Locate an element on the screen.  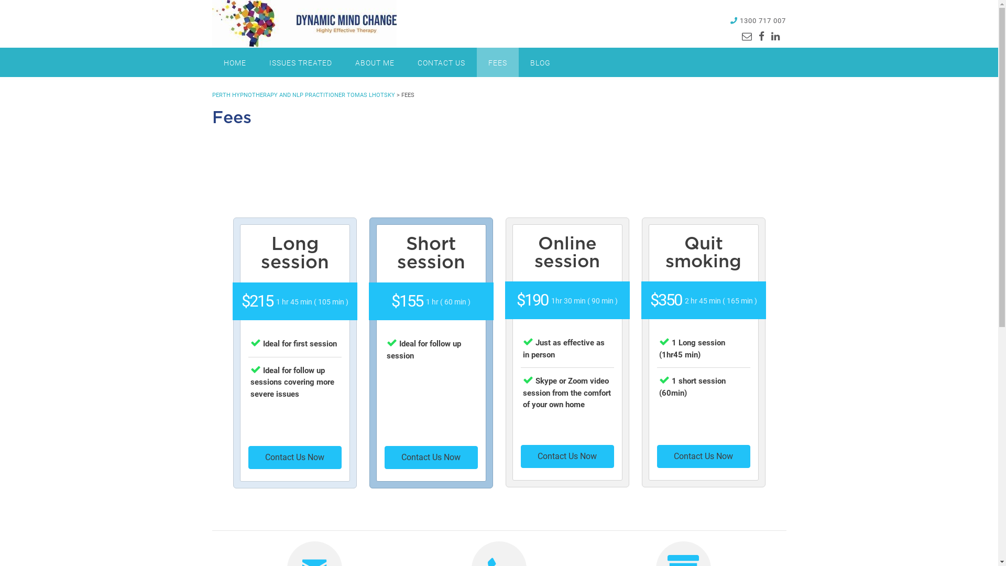
'BLOG' is located at coordinates (540, 62).